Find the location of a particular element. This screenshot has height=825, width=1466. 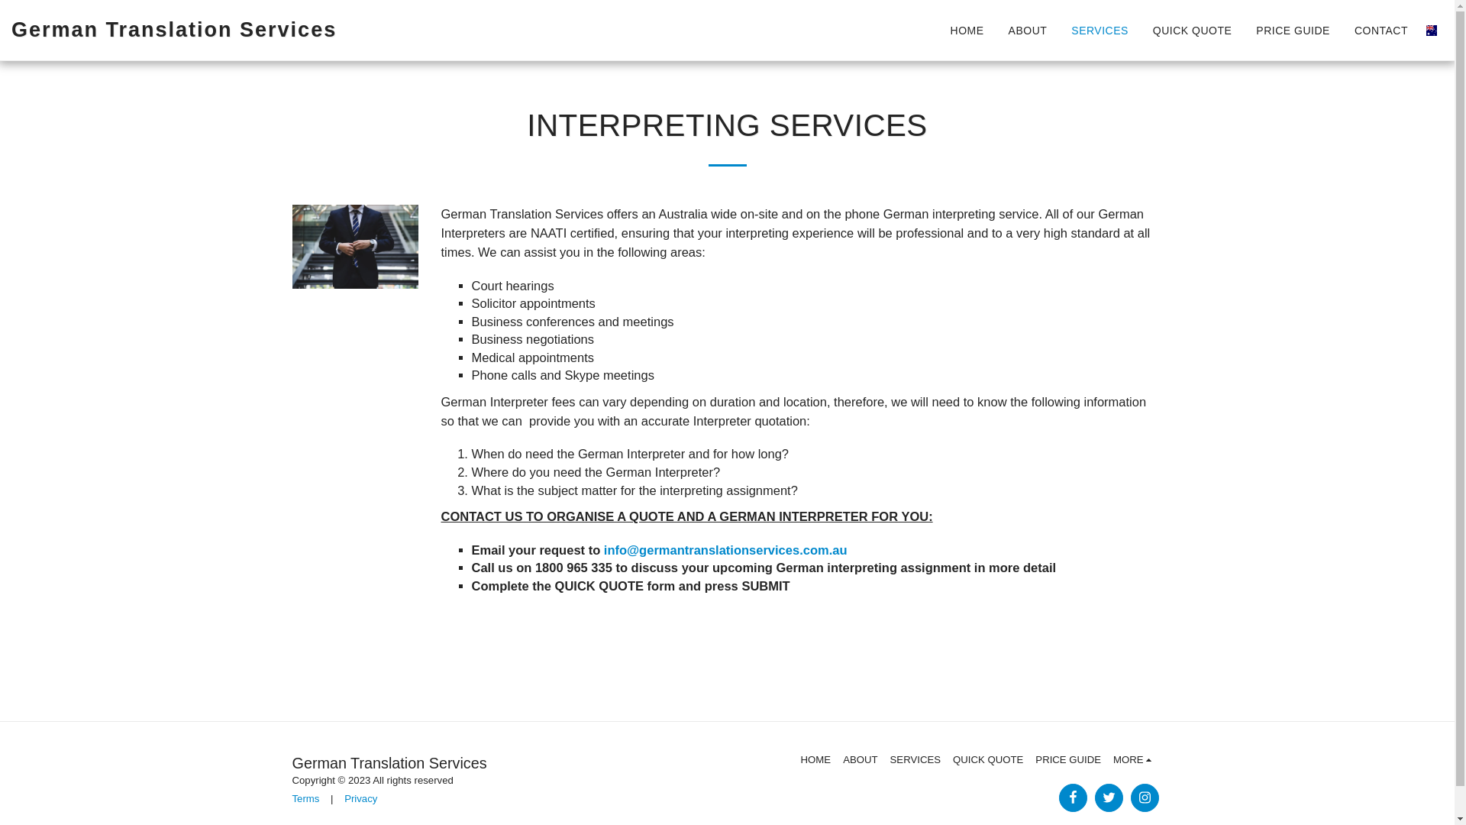

'QUICK QUOTE' is located at coordinates (1191, 30).